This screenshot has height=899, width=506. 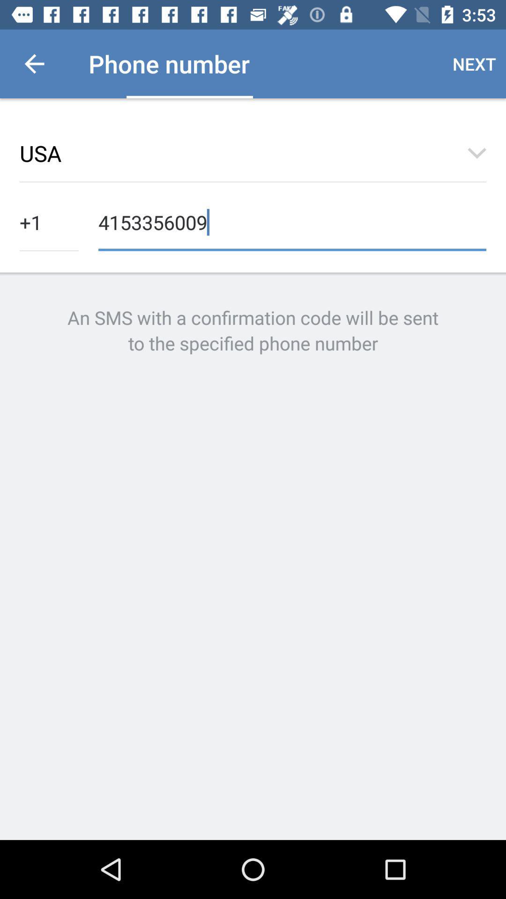 I want to click on +1 icon, so click(x=49, y=221).